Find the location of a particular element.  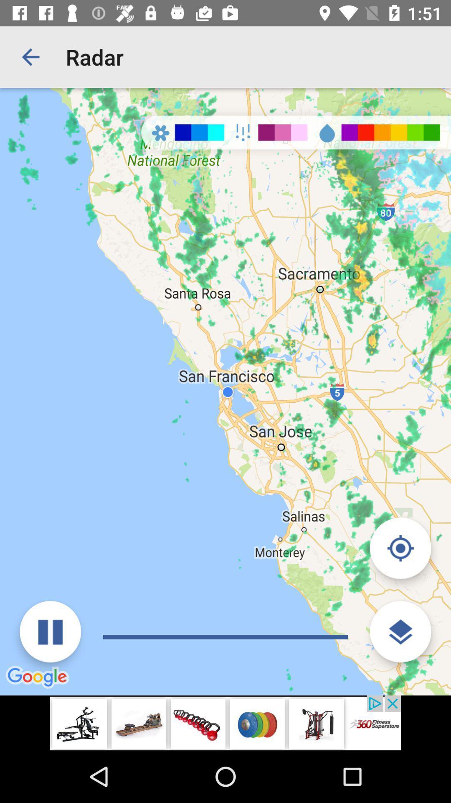

the layers icon is located at coordinates (400, 632).